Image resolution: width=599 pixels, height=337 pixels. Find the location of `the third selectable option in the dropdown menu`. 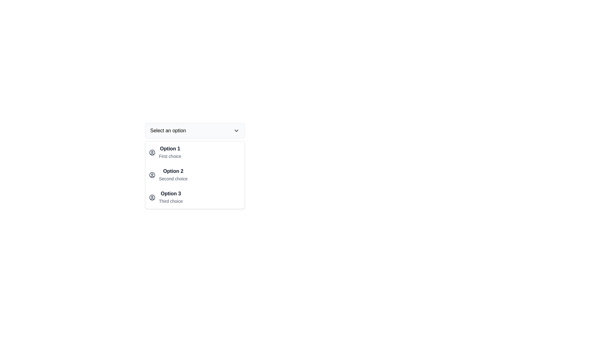

the third selectable option in the dropdown menu is located at coordinates (194, 188).